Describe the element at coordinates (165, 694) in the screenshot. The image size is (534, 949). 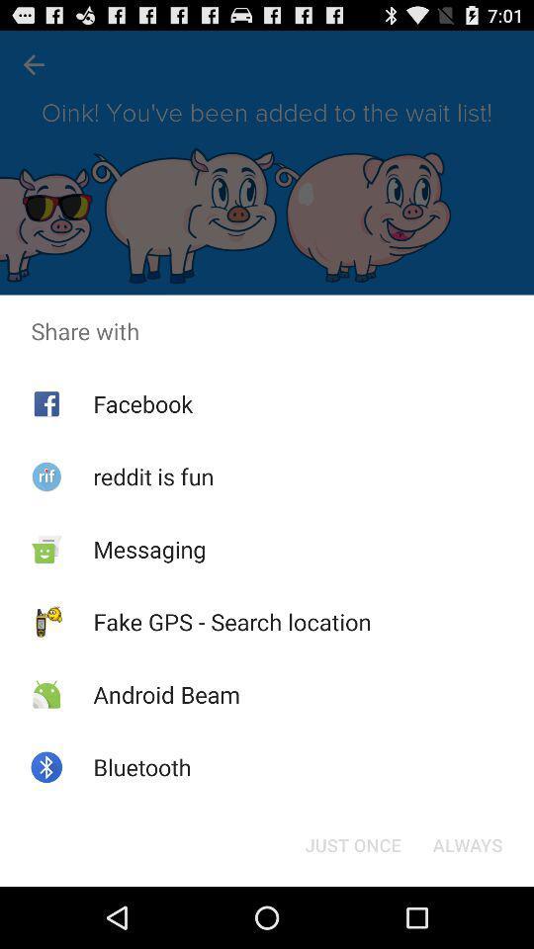
I see `the app below the fake gps search` at that location.